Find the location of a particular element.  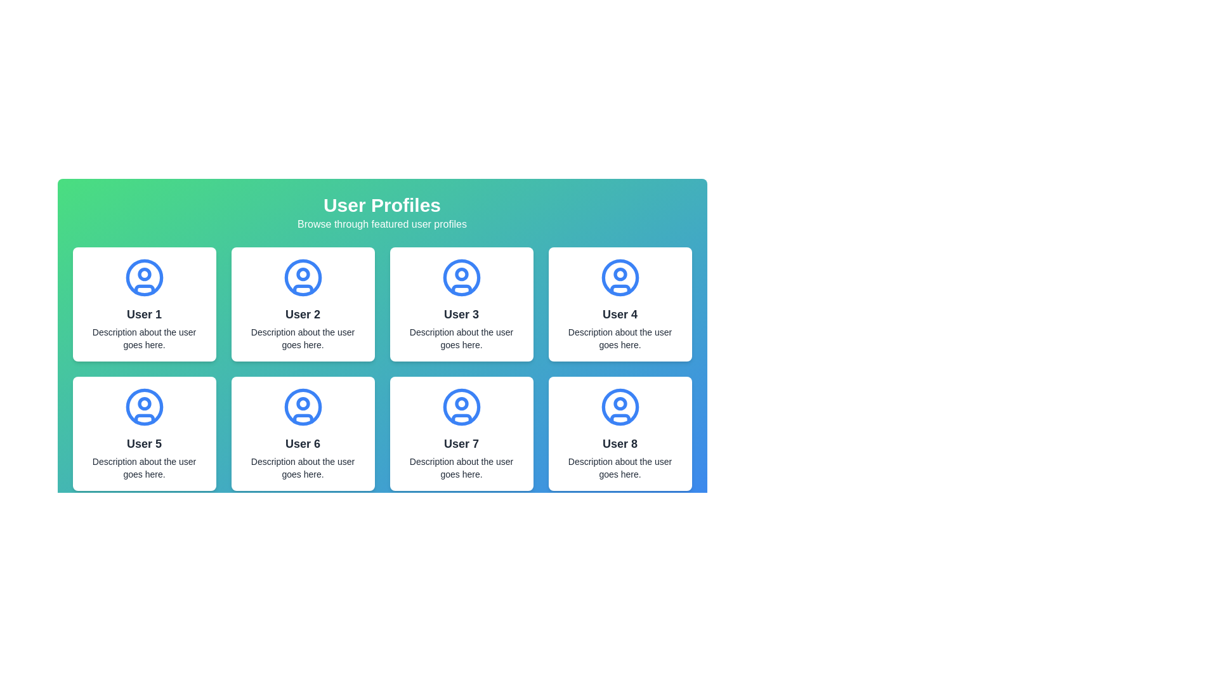

the circular user avatar icon with a blue outline located at the top center of the card titled 'User 2' for more details is located at coordinates (302, 277).